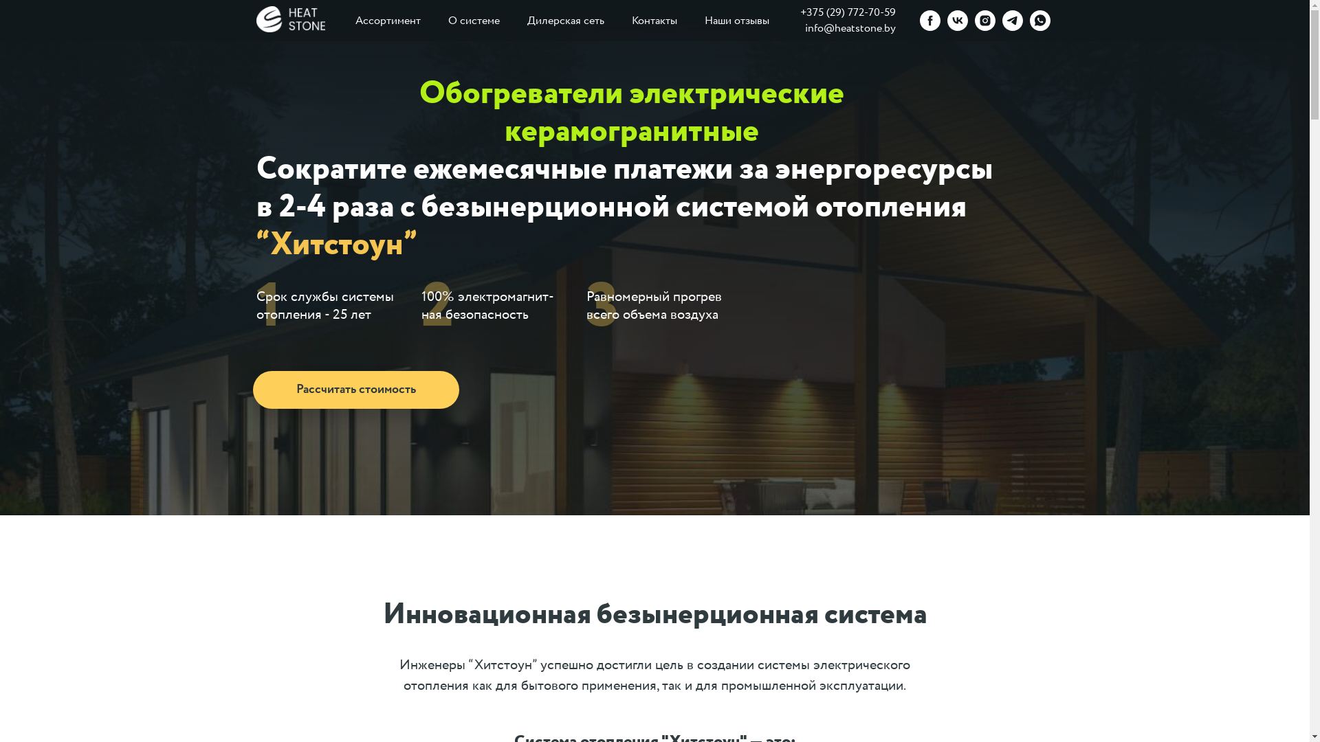  Describe the element at coordinates (849, 28) in the screenshot. I see `'info@heatstone.by'` at that location.